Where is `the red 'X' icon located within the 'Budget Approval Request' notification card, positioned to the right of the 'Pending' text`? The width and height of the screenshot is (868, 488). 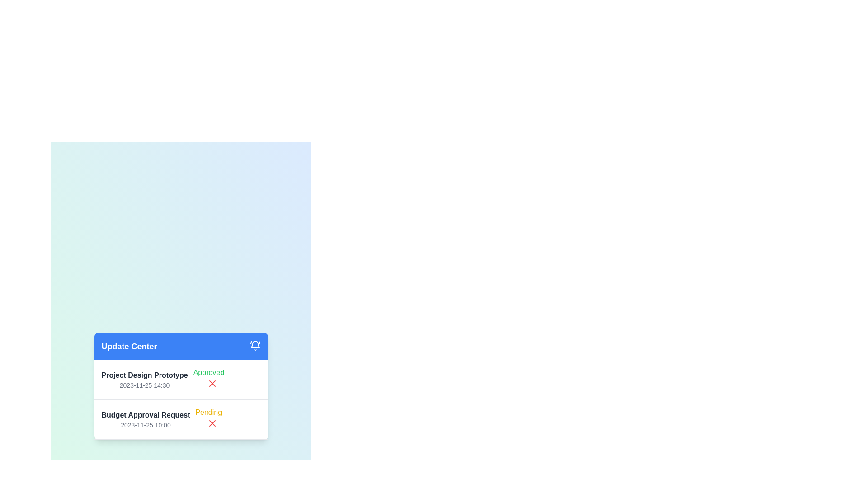
the red 'X' icon located within the 'Budget Approval Request' notification card, positioned to the right of the 'Pending' text is located at coordinates (212, 383).